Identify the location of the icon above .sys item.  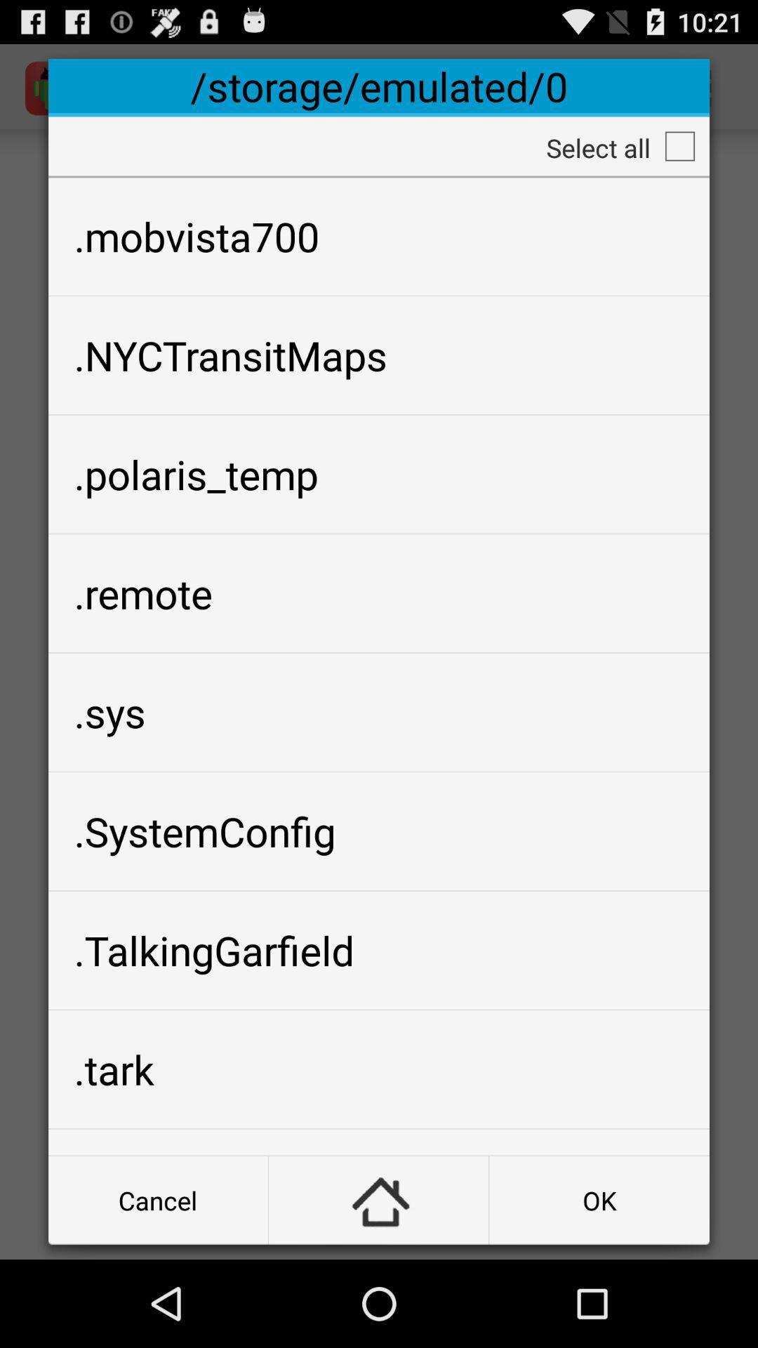
(379, 593).